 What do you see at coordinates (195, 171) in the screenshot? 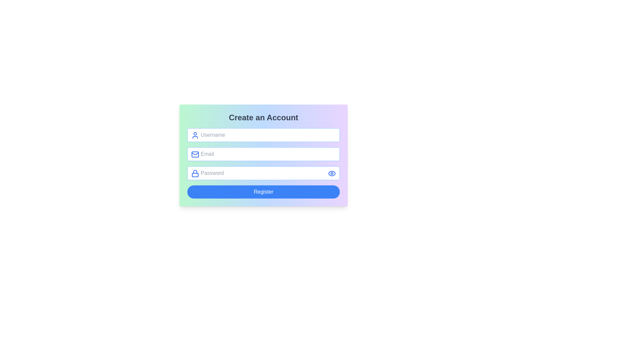
I see `the upper curved part of the lock icon, which is displayed to the left of the 'Password' input field, symbolizing security` at bounding box center [195, 171].